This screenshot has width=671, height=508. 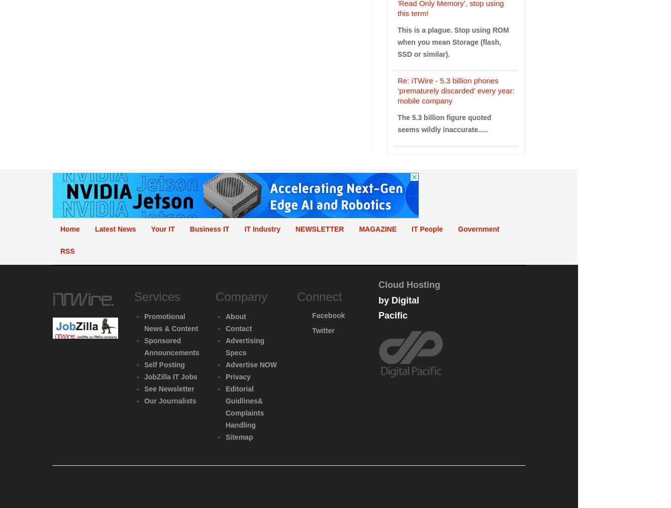 What do you see at coordinates (209, 228) in the screenshot?
I see `'Business IT'` at bounding box center [209, 228].